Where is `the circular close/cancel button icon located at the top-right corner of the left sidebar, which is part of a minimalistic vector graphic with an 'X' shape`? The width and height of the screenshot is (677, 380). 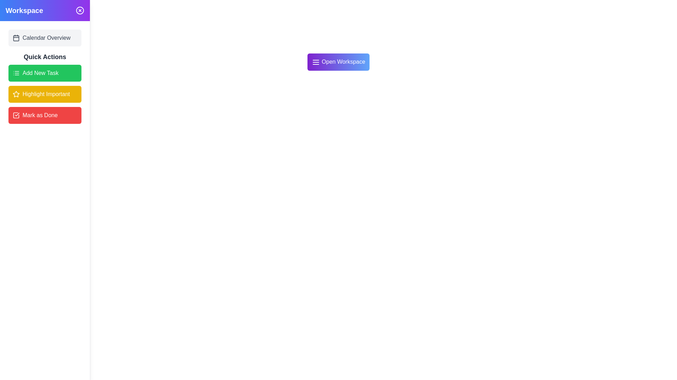 the circular close/cancel button icon located at the top-right corner of the left sidebar, which is part of a minimalistic vector graphic with an 'X' shape is located at coordinates (80, 11).